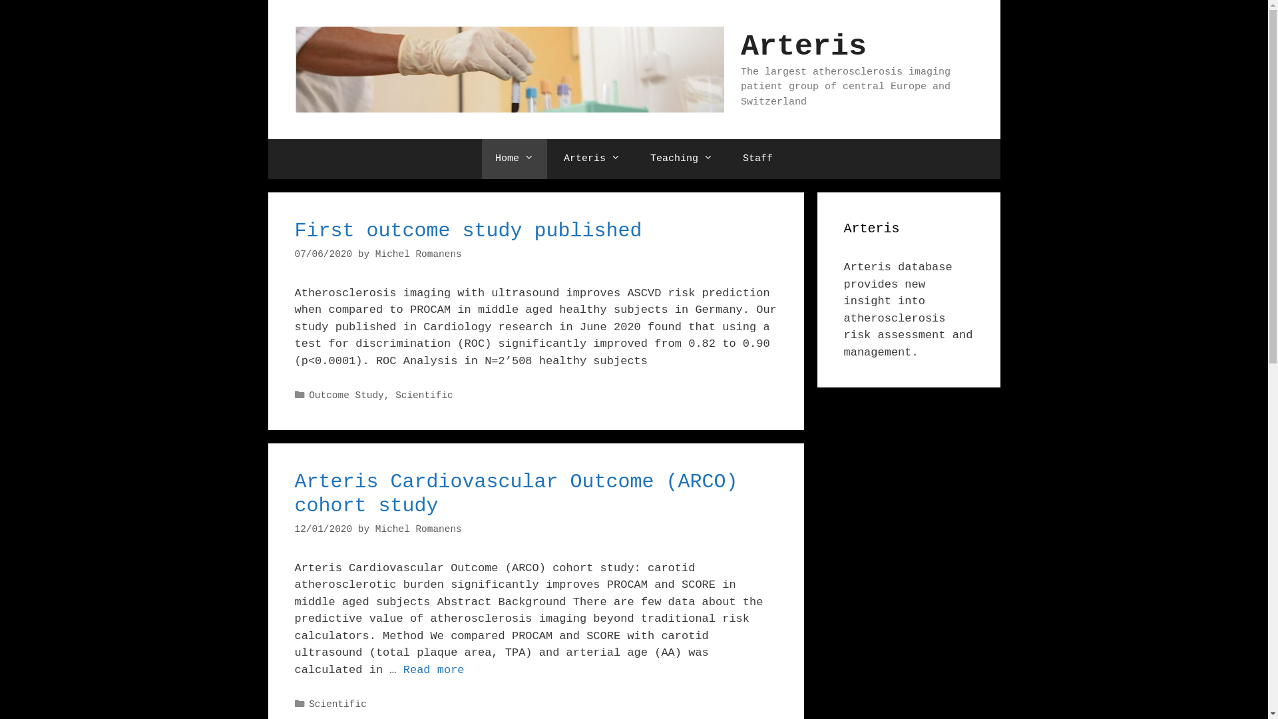 The image size is (1278, 719). What do you see at coordinates (467, 230) in the screenshot?
I see `'First outcome study published'` at bounding box center [467, 230].